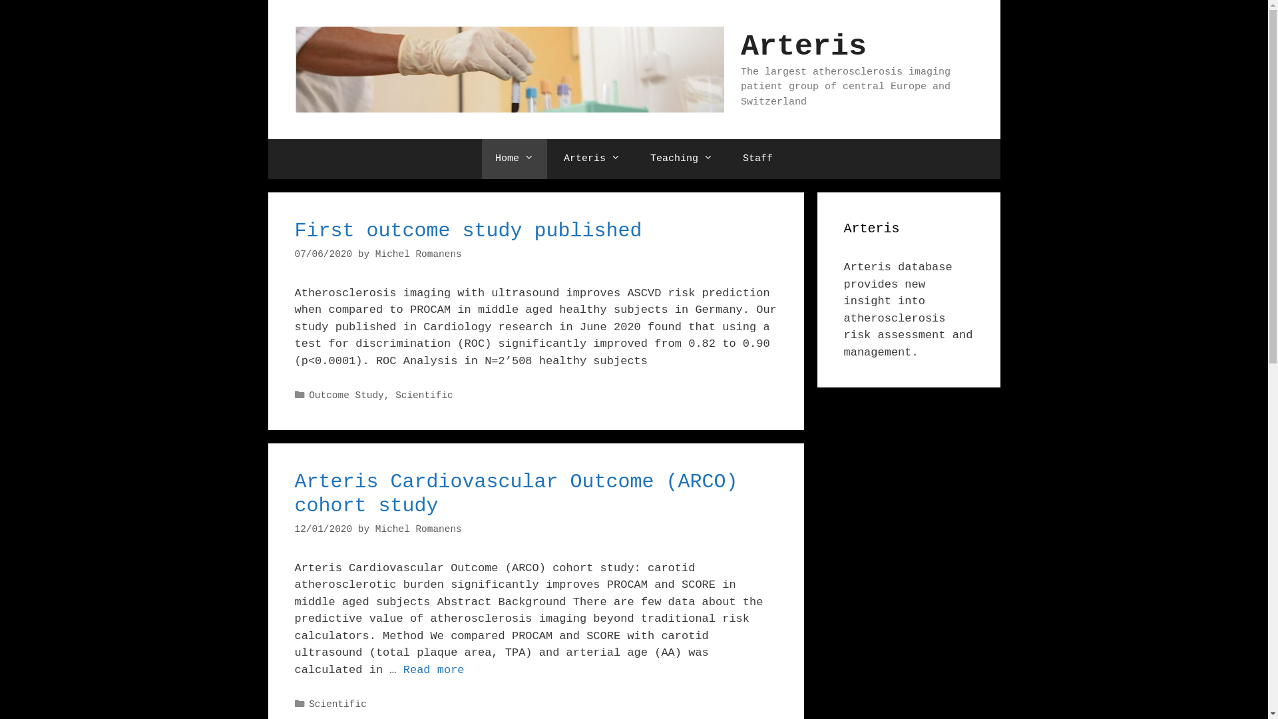 The image size is (1278, 719). What do you see at coordinates (467, 230) in the screenshot?
I see `'First outcome study published'` at bounding box center [467, 230].